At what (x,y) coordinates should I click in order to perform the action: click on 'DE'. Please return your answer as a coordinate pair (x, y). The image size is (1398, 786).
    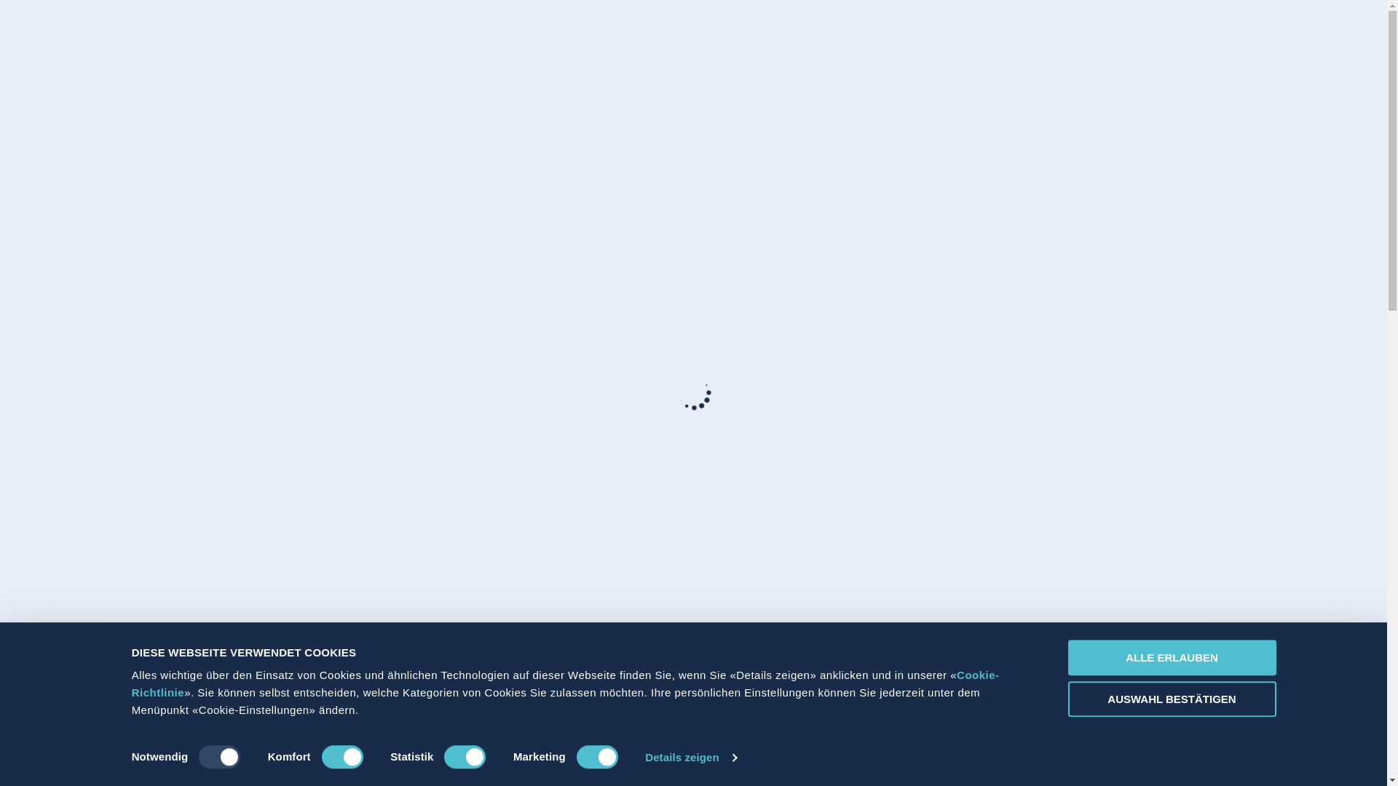
    Looking at the image, I should click on (1013, 36).